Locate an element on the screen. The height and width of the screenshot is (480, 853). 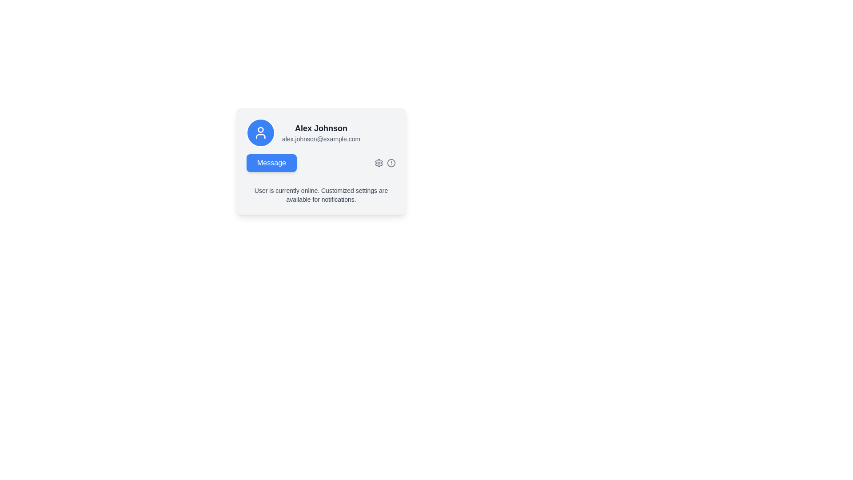
the text label displaying 'User is currently online. Customized settings are available for notifications.' located below the 'Message' button in the user profile card for 'Alex Johnson.' is located at coordinates (321, 191).